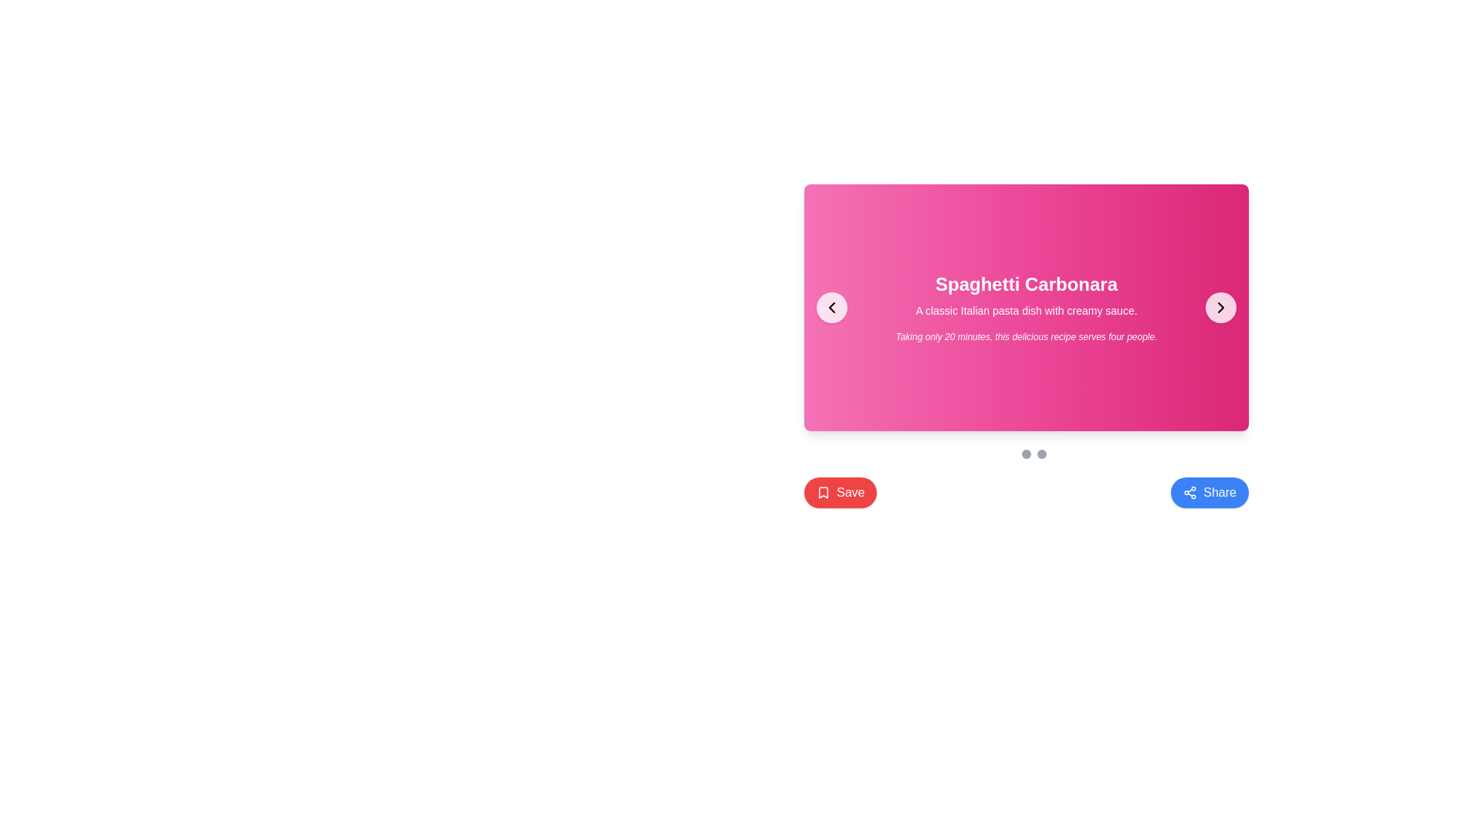 The image size is (1482, 833). What do you see at coordinates (1220, 307) in the screenshot?
I see `the right-facing chevron arrow icon located within the circular button on the right edge of the pink content card` at bounding box center [1220, 307].